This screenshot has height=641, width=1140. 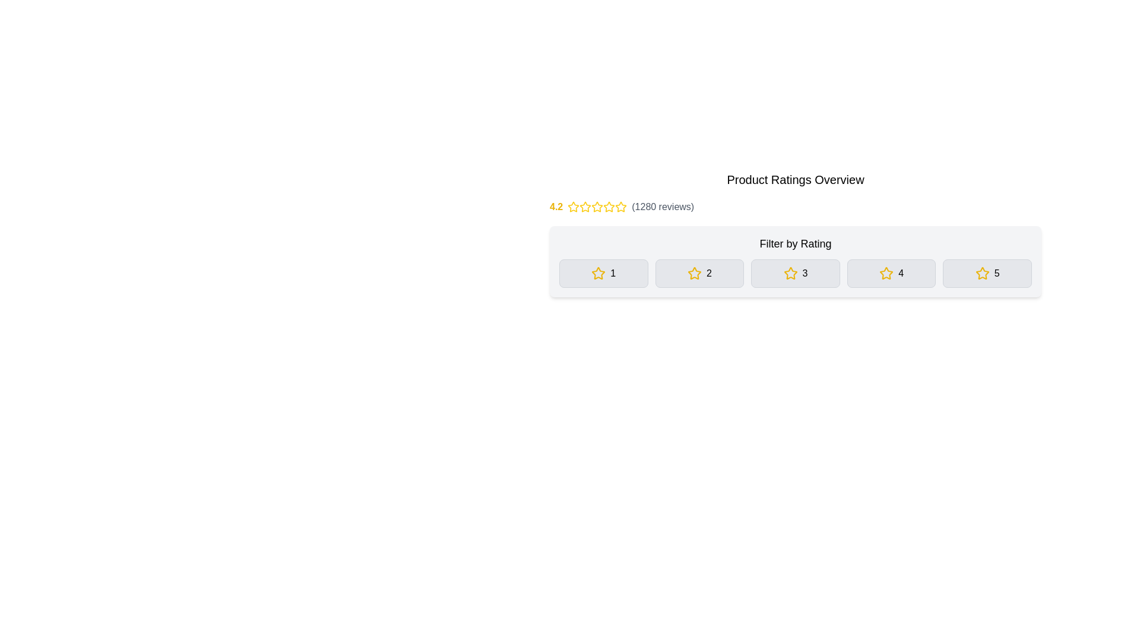 I want to click on the first yellow star icon in the rating system, which has a rounded outline and white interior, located above the 'Filter by Rating' button group, so click(x=574, y=206).